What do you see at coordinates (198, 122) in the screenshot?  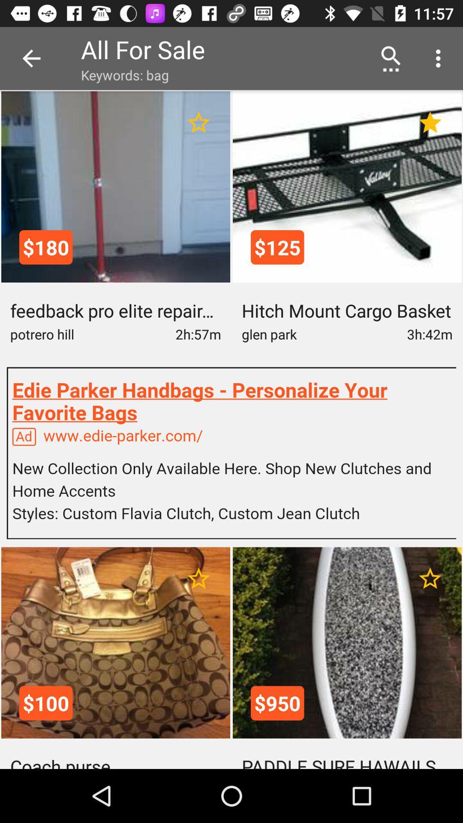 I see `to provide rating` at bounding box center [198, 122].